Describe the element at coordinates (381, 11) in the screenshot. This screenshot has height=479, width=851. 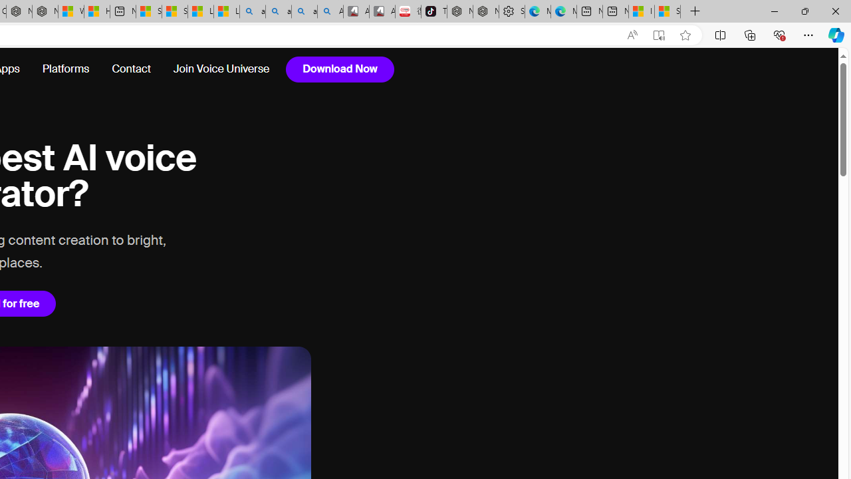
I see `'All Cubot phones'` at that location.